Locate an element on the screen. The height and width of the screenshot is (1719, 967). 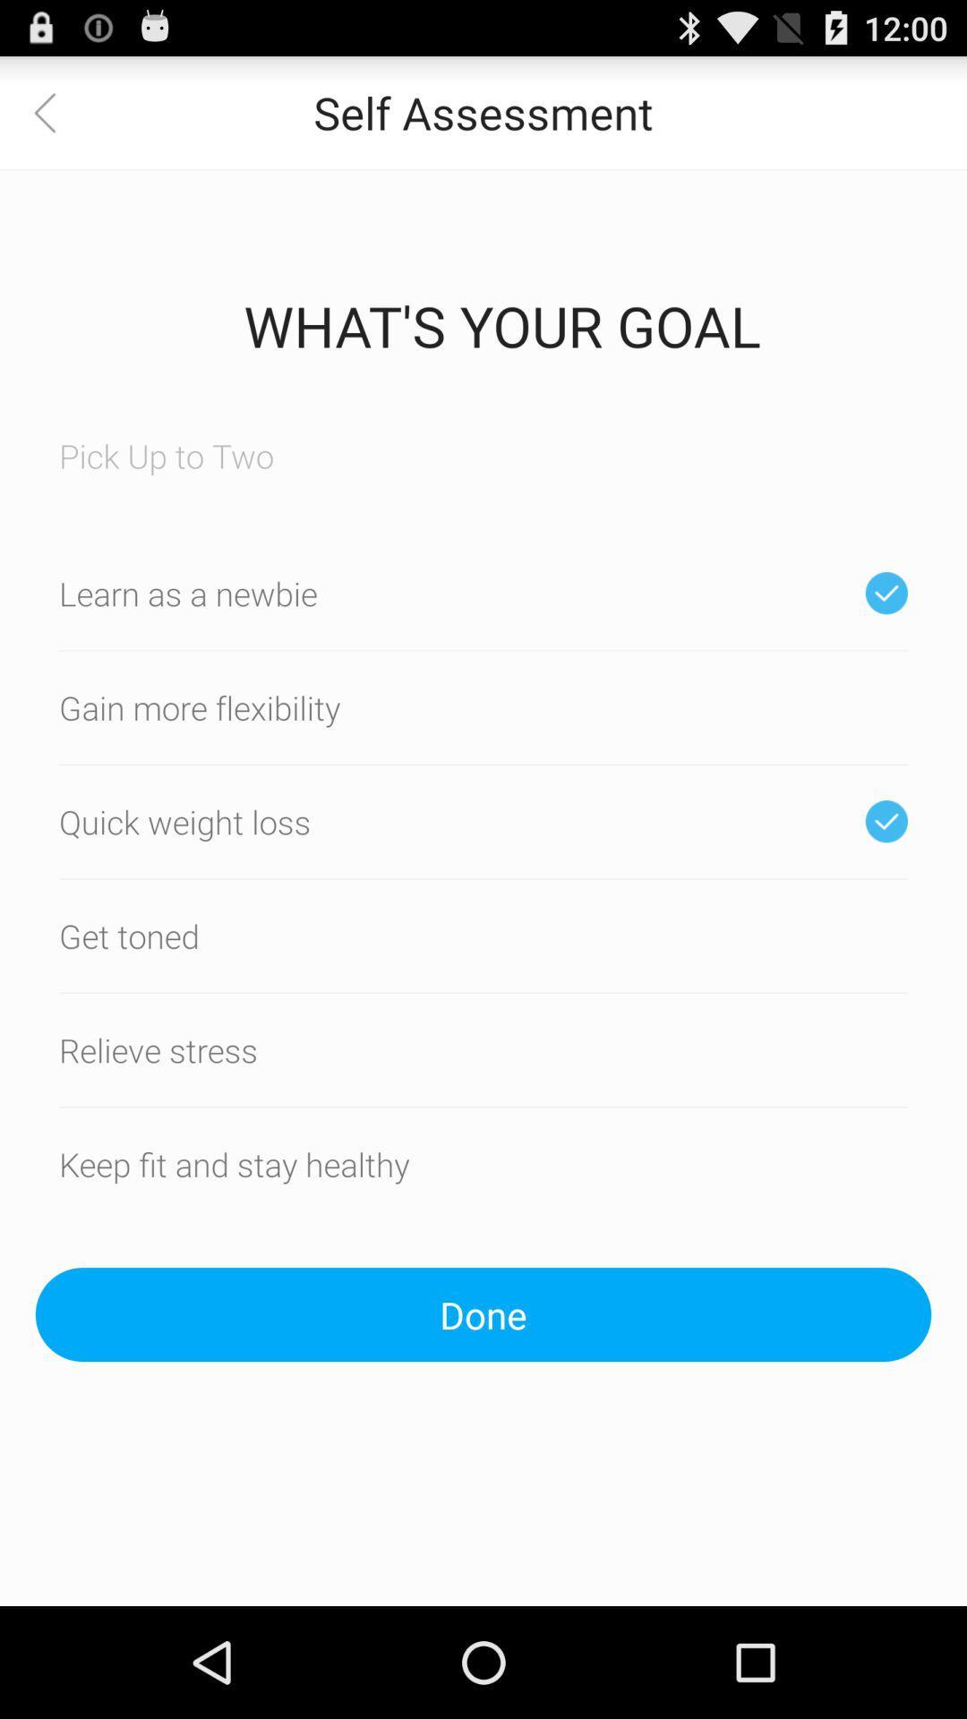
go back is located at coordinates (55, 111).